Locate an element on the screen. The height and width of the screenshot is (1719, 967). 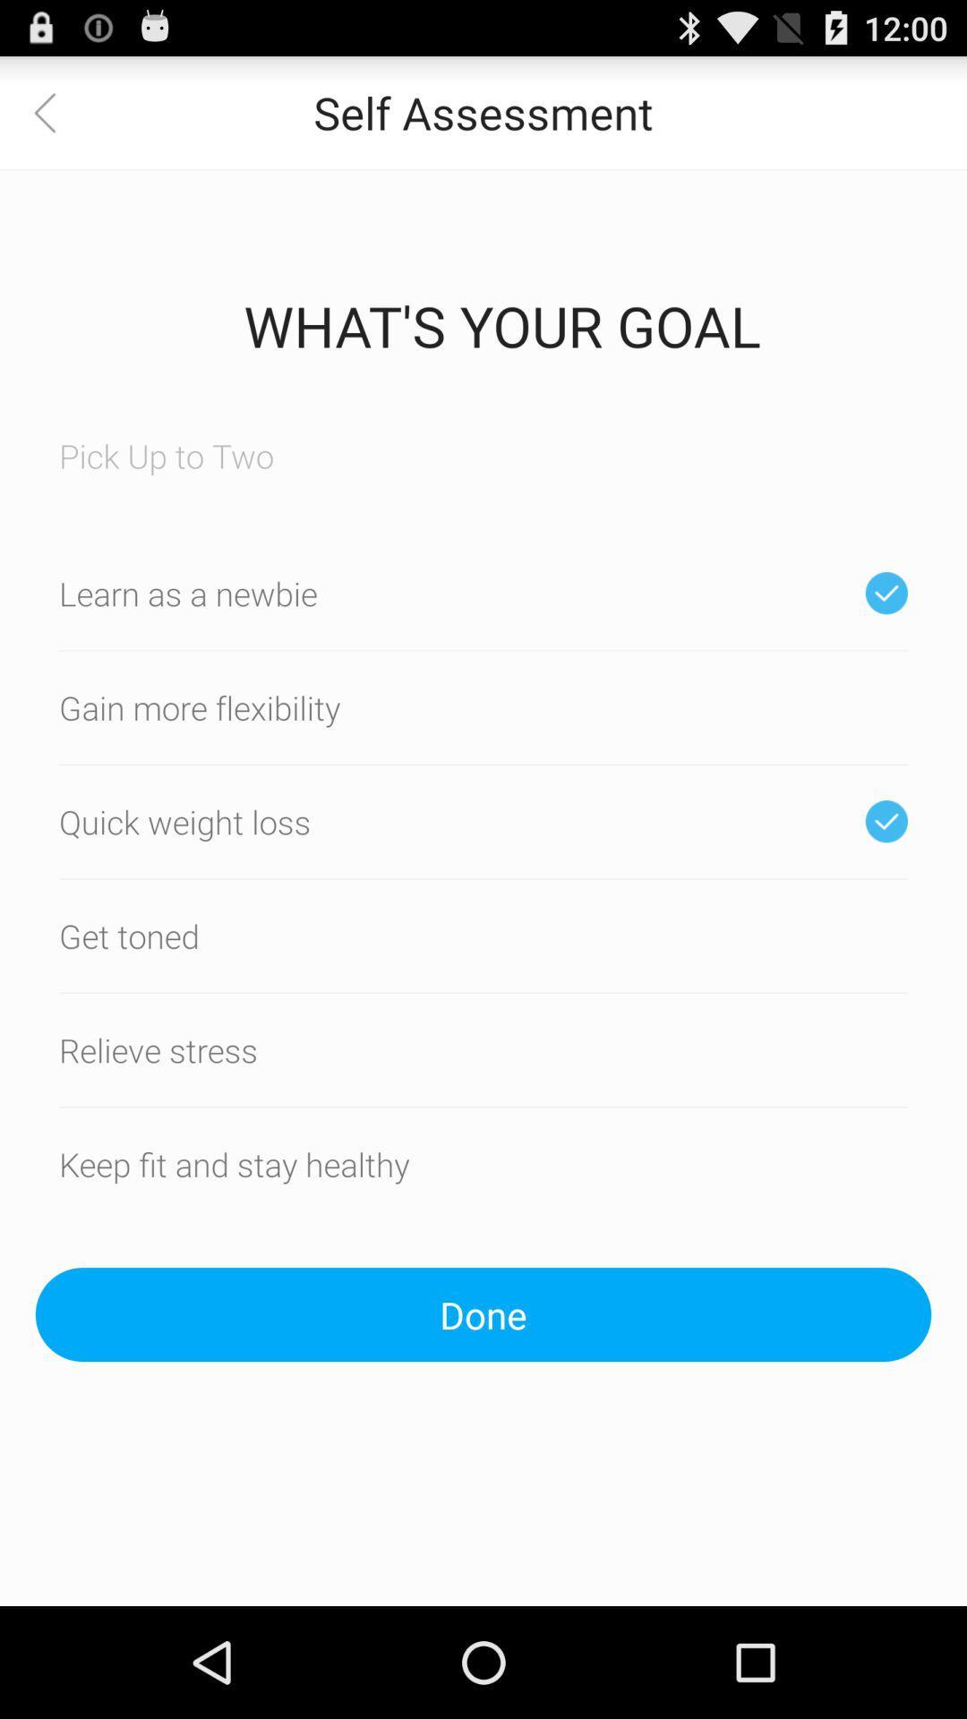
go back is located at coordinates (55, 111).